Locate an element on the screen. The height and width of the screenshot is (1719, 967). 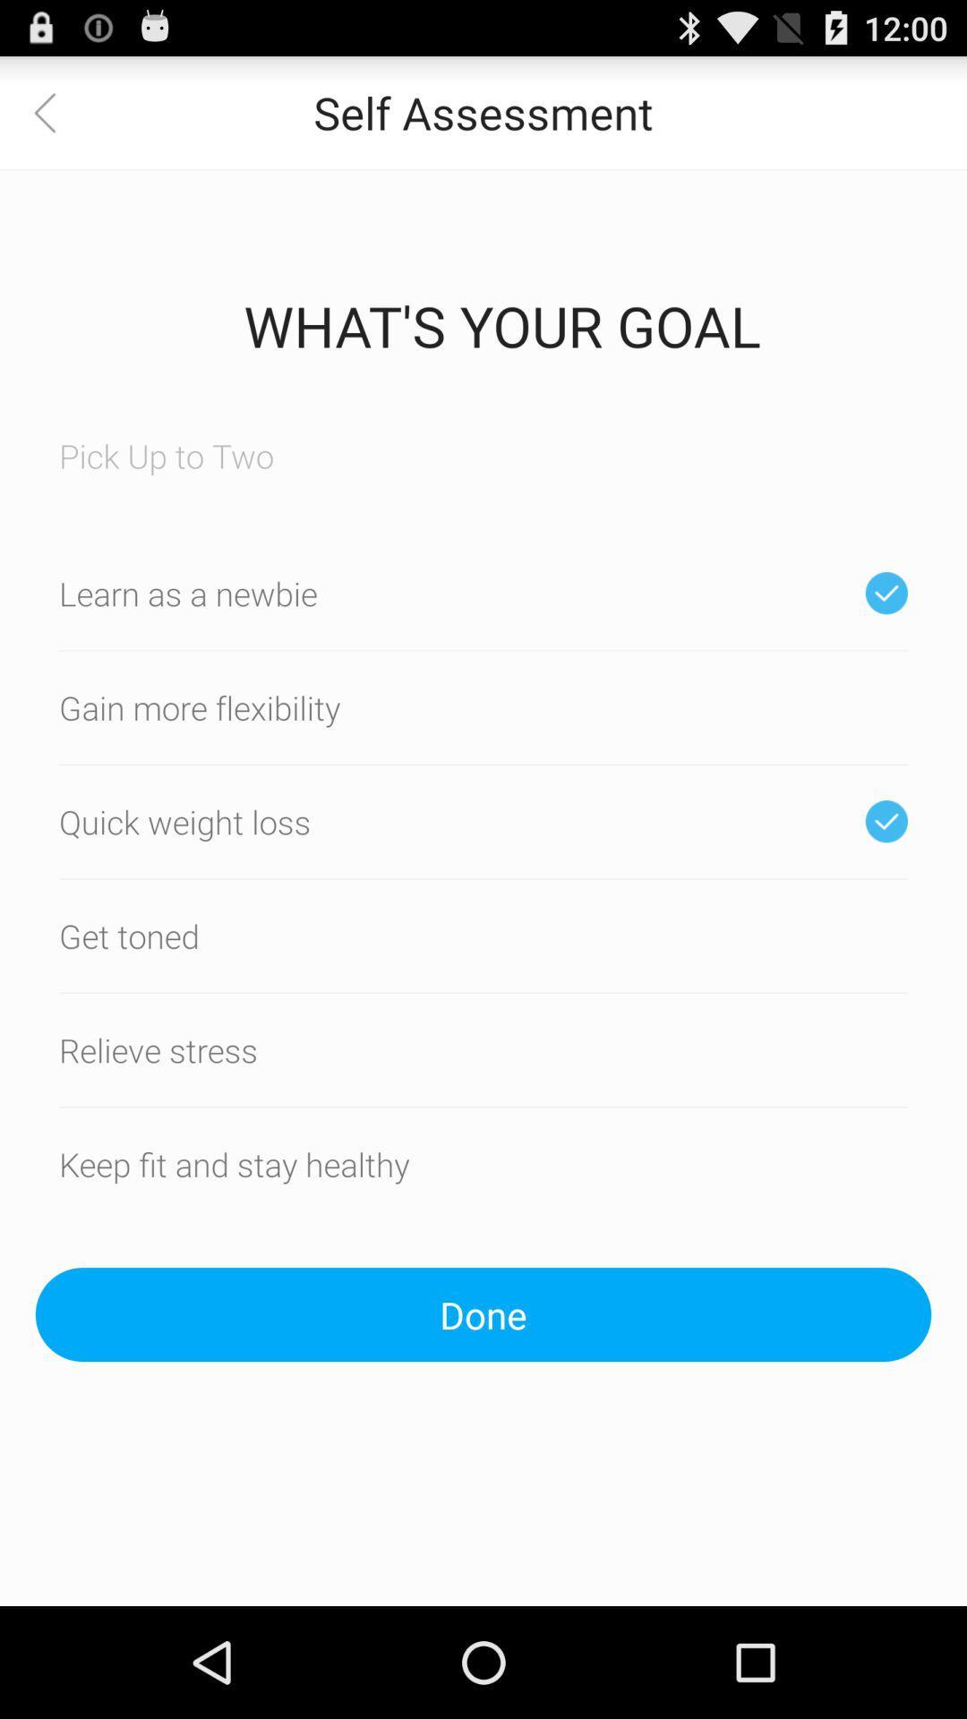
go back is located at coordinates (55, 111).